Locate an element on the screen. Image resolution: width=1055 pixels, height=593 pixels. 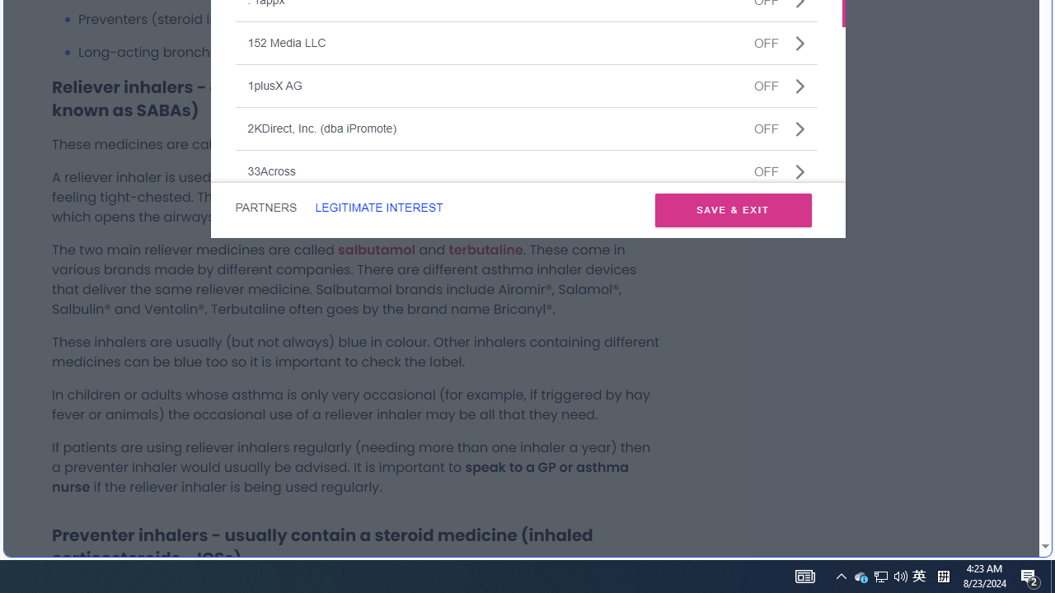
'terbutaline' is located at coordinates (485, 250).